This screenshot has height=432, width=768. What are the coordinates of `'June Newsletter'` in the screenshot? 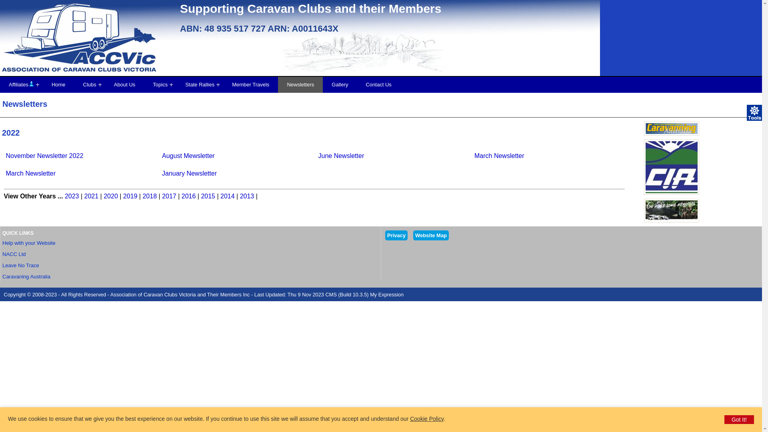 It's located at (341, 156).